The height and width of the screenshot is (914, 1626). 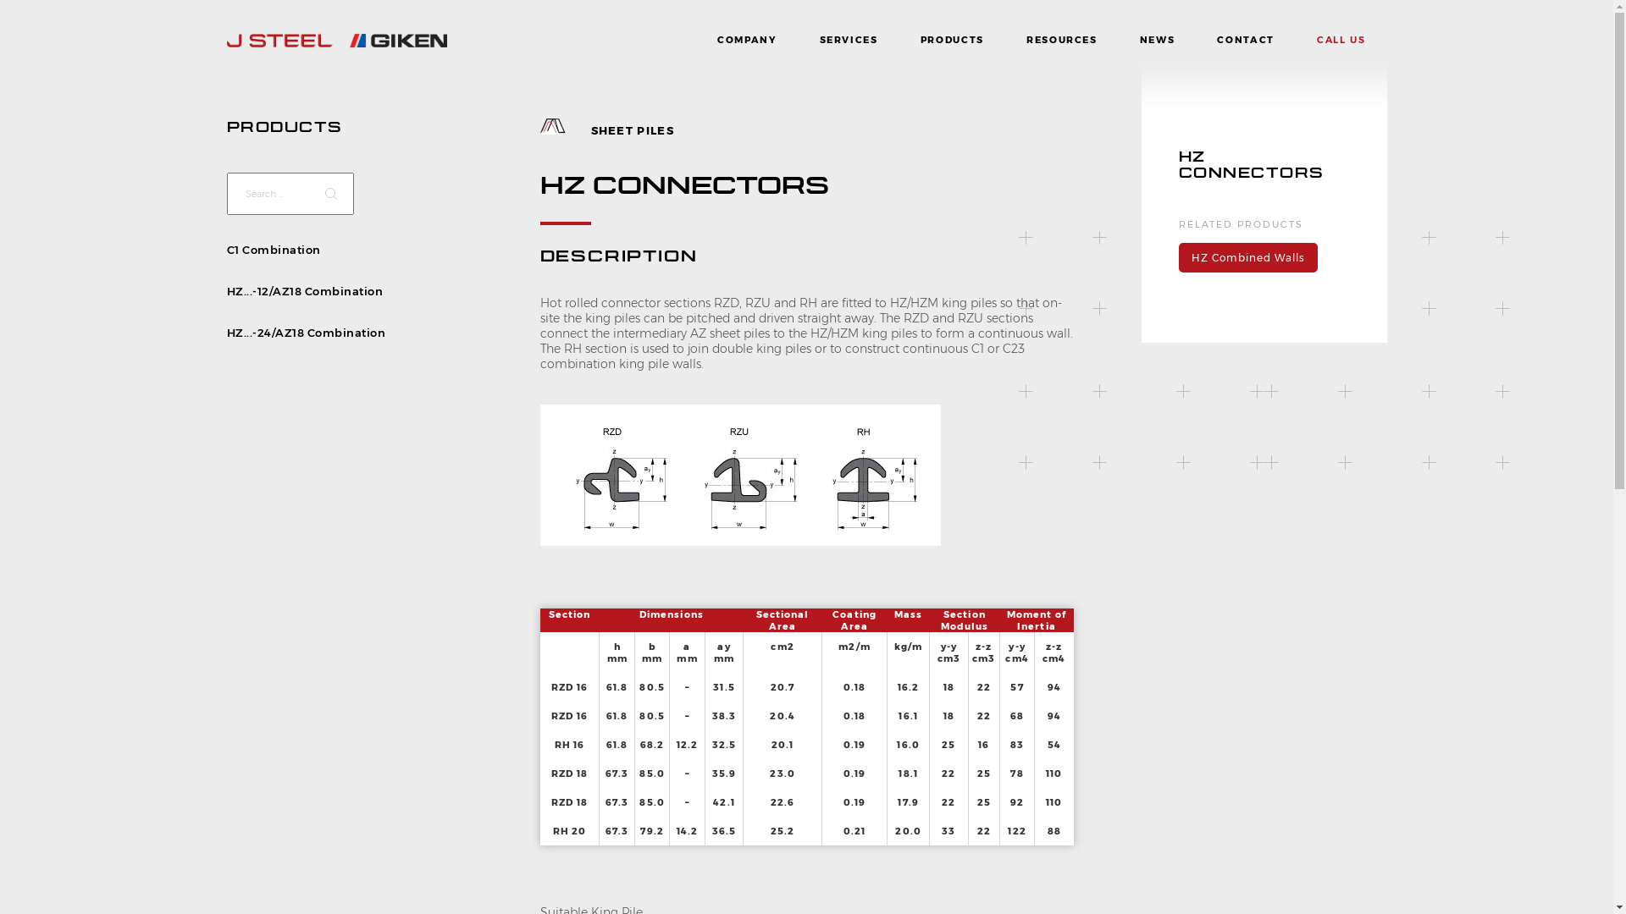 I want to click on 'HZ Combined Walls', so click(x=1247, y=257).